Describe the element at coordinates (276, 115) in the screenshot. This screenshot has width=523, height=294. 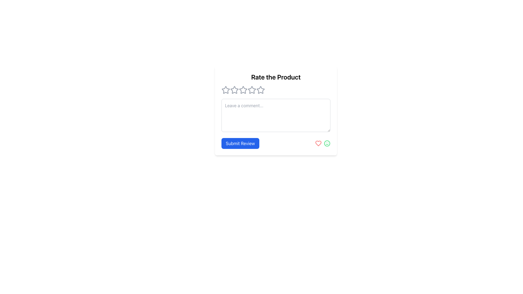
I see `the textarea element styled as a bordered box with rounded corners, located below the star icons and above the 'Submit Review' button, to focus for inputting comments or feedback` at that location.